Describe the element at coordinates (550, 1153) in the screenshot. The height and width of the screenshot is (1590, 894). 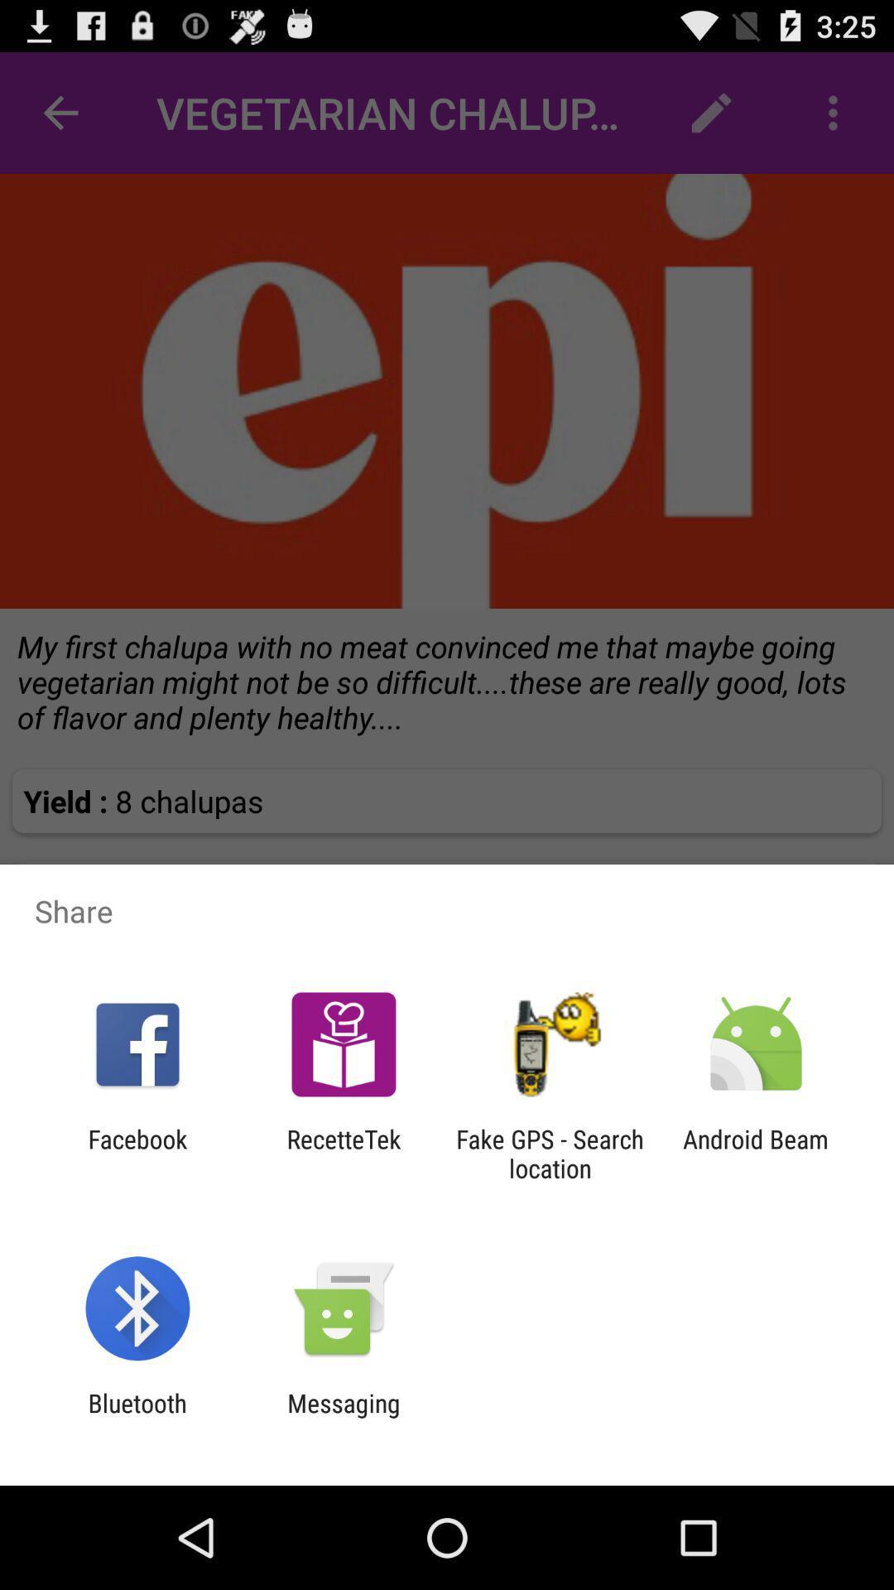
I see `the item to the right of the recettetek item` at that location.